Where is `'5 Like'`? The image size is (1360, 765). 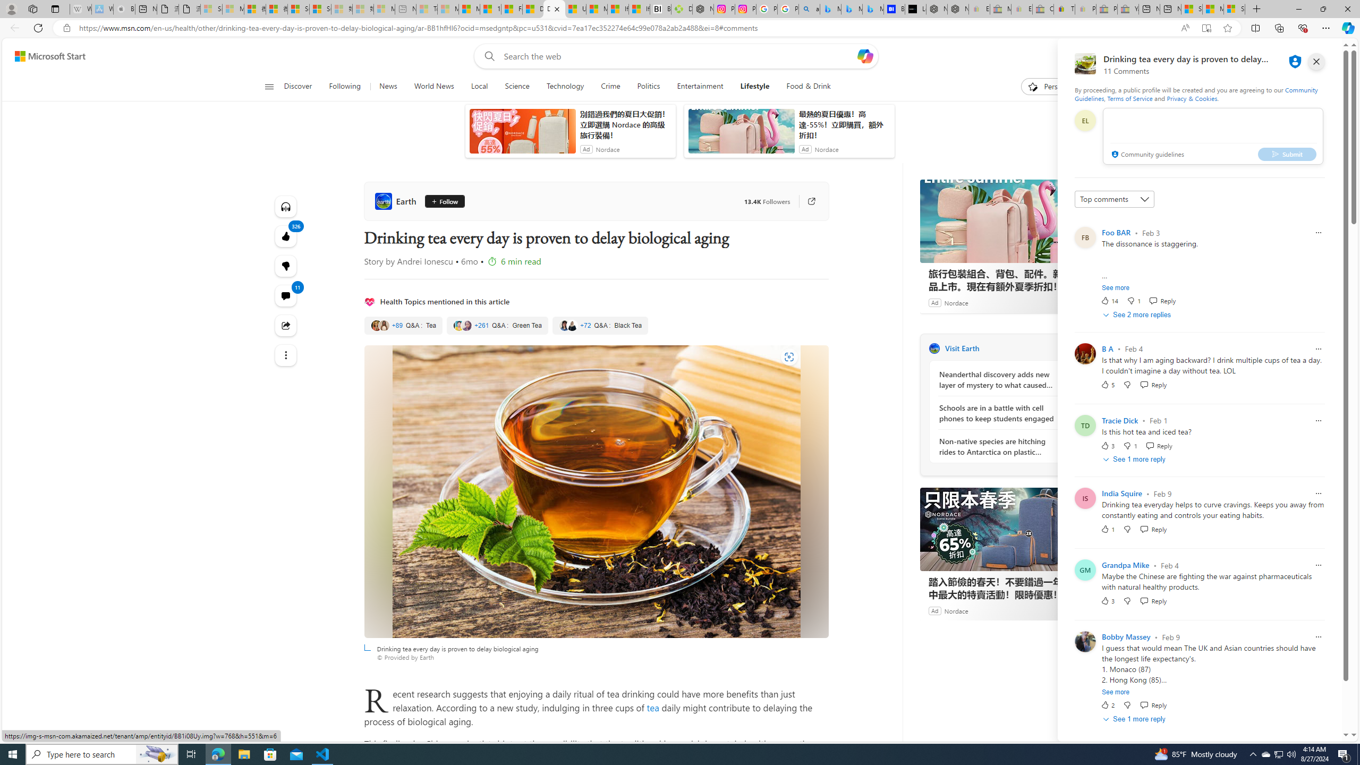 '5 Like' is located at coordinates (1107, 384).